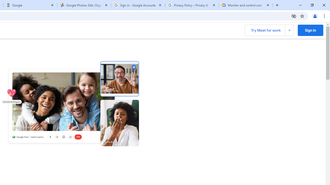  Describe the element at coordinates (310, 30) in the screenshot. I see `'Sign into Google Meet '` at that location.